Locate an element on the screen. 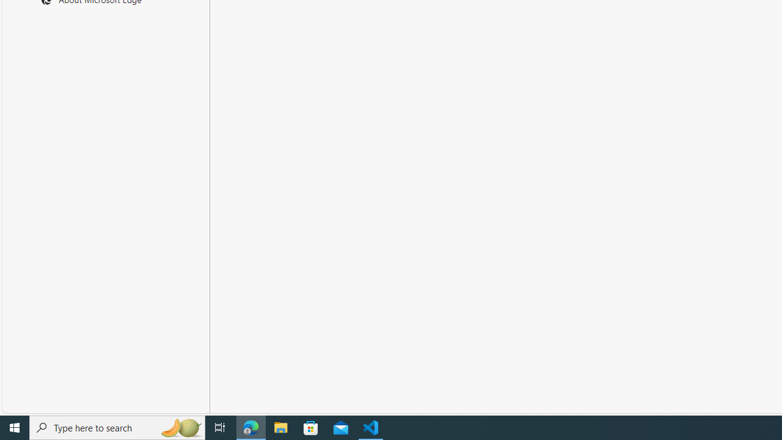 The height and width of the screenshot is (440, 782). 'Search highlights icon opens search home window' is located at coordinates (180, 427).